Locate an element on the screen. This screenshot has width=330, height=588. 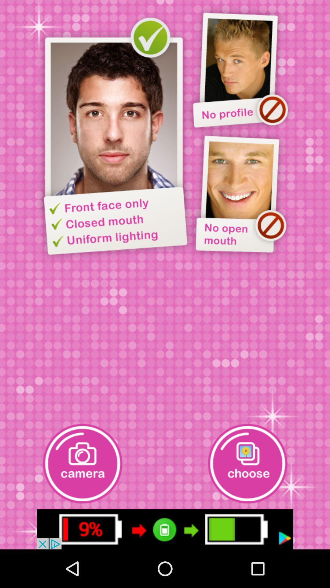
open camera is located at coordinates (82, 463).